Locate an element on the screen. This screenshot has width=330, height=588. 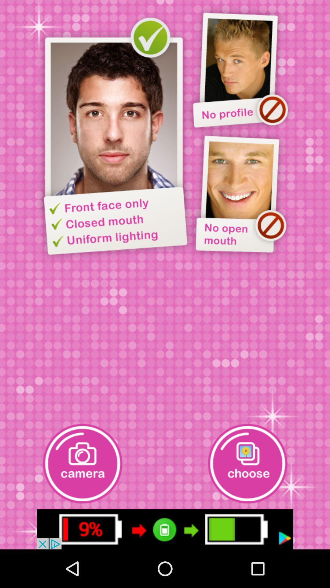
open camera is located at coordinates (82, 463).